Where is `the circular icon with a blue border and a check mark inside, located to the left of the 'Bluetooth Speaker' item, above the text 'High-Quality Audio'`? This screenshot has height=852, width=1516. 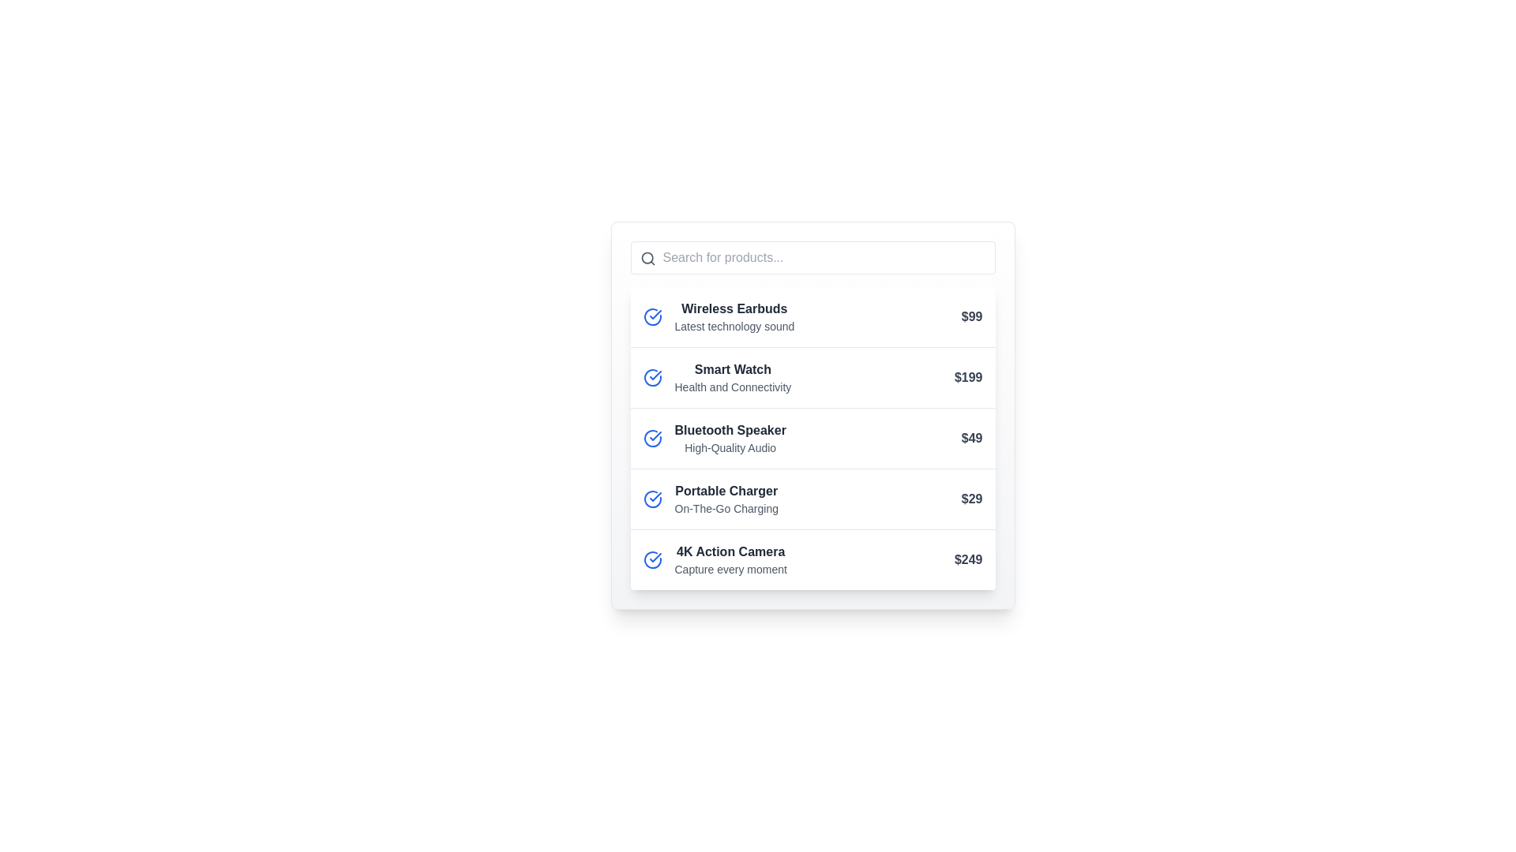 the circular icon with a blue border and a check mark inside, located to the left of the 'Bluetooth Speaker' item, above the text 'High-Quality Audio' is located at coordinates (652, 438).